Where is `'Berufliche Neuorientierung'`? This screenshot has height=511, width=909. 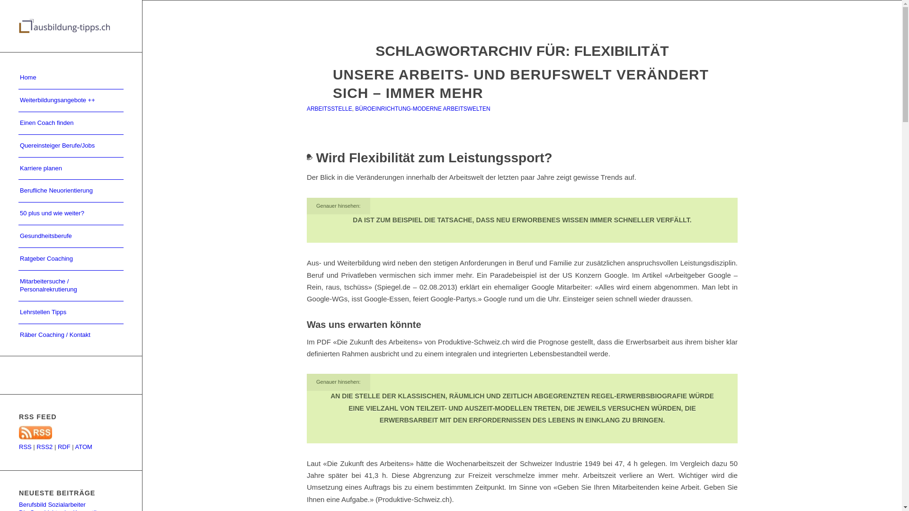 'Berufliche Neuorientierung' is located at coordinates (70, 191).